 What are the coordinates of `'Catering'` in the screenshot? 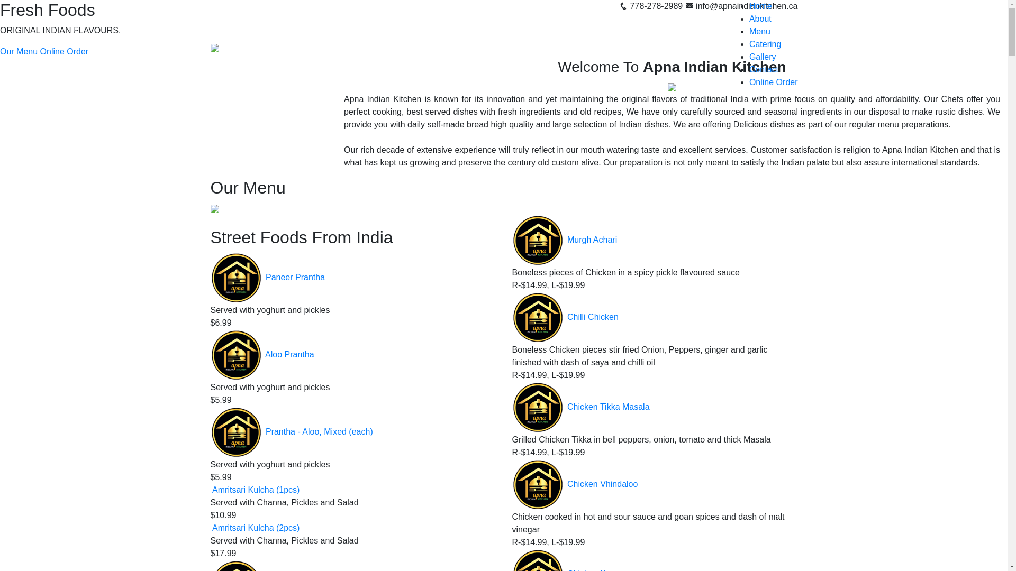 It's located at (765, 43).